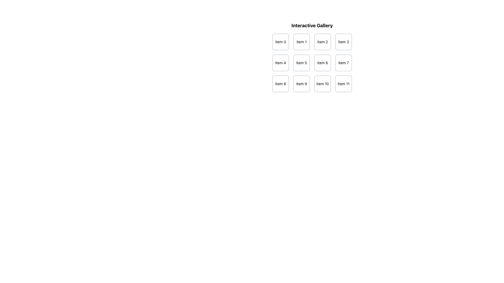 This screenshot has height=283, width=504. I want to click on the grid cell labeled 'Item 4' located in the second row and first column of a 4x3 grid layout, so click(280, 62).